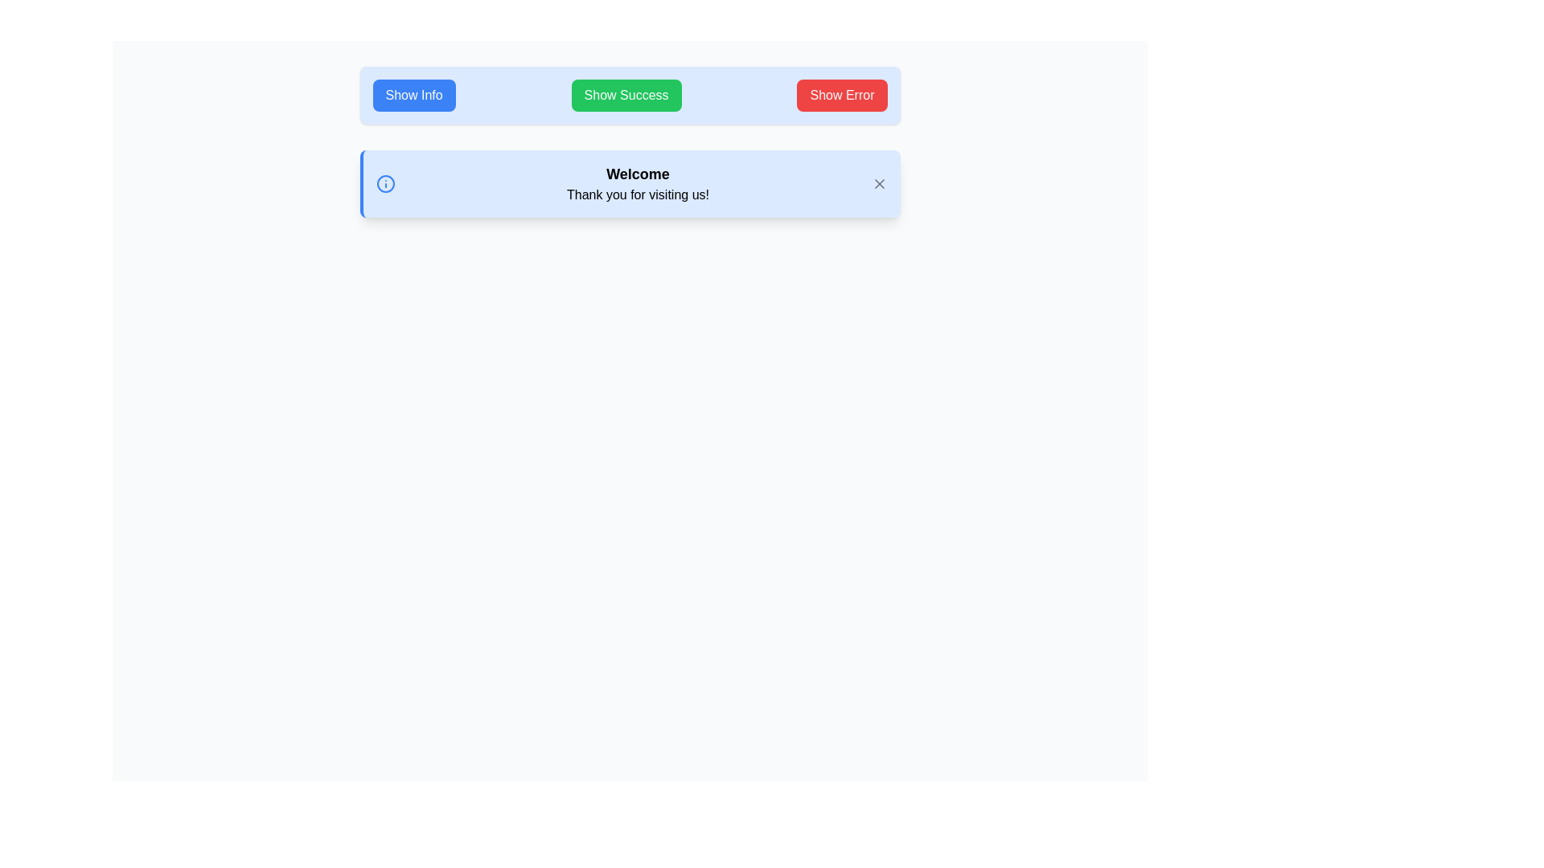 Image resolution: width=1544 pixels, height=868 pixels. I want to click on the circular element with a blue outline located within the blue information icon, which is to the left of the 'Welcome' text in the notification box, so click(384, 182).